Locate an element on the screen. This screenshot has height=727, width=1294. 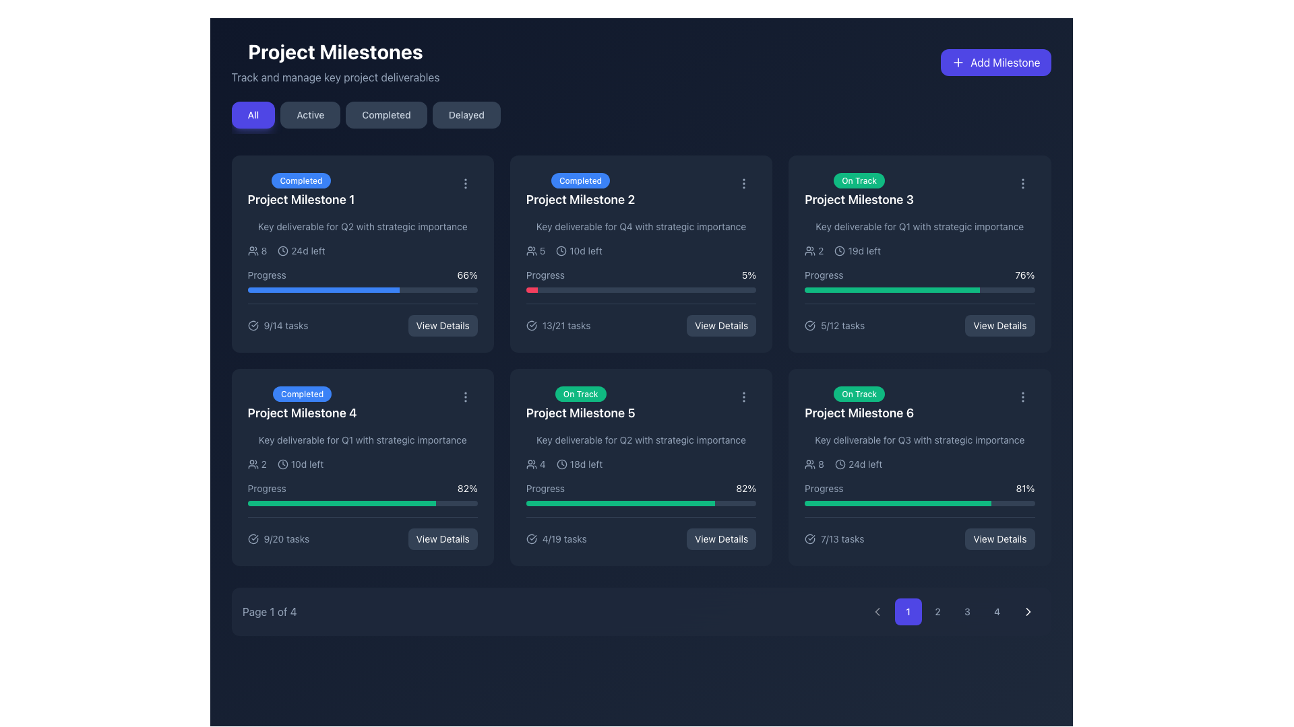
the informational text element displaying '24d left' with a supporting clock icon, located in the bottom-right card labeled 'Project Milestone 6' is located at coordinates (858, 464).